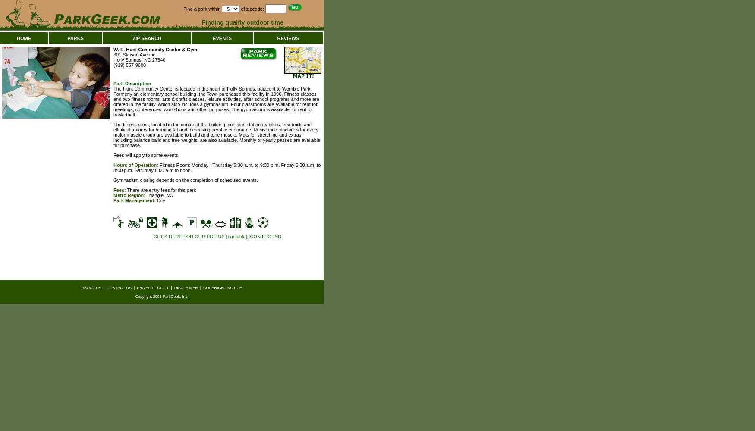 This screenshot has height=431, width=755. What do you see at coordinates (216, 134) in the screenshot?
I see `'The fitness room, located in the center of the building, contains stationary bikes, treadmills and elliptical trainers for burning fat and increasing aerobic endurance. Resistance machines for every major muscle group are available to build and tone muscle. Mats for stretching and extras, including balance balls and free weights, are also available. Monthly or yearly passes are available for purchase.'` at bounding box center [216, 134].